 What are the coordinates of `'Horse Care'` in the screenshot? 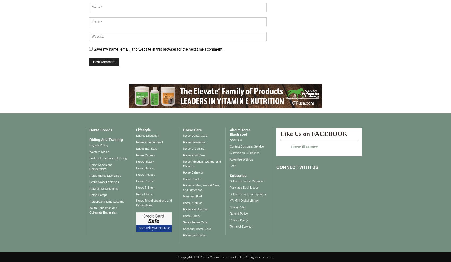 It's located at (192, 130).